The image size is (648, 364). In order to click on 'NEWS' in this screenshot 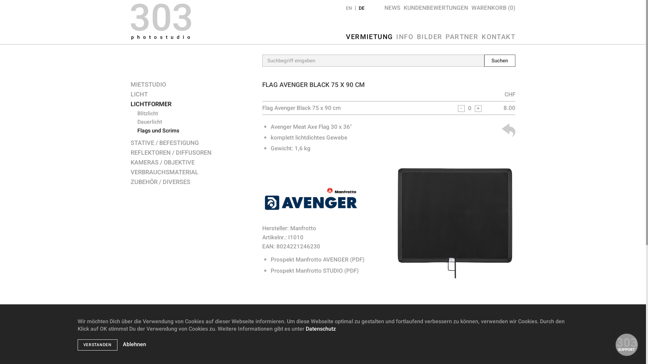, I will do `click(392, 8)`.